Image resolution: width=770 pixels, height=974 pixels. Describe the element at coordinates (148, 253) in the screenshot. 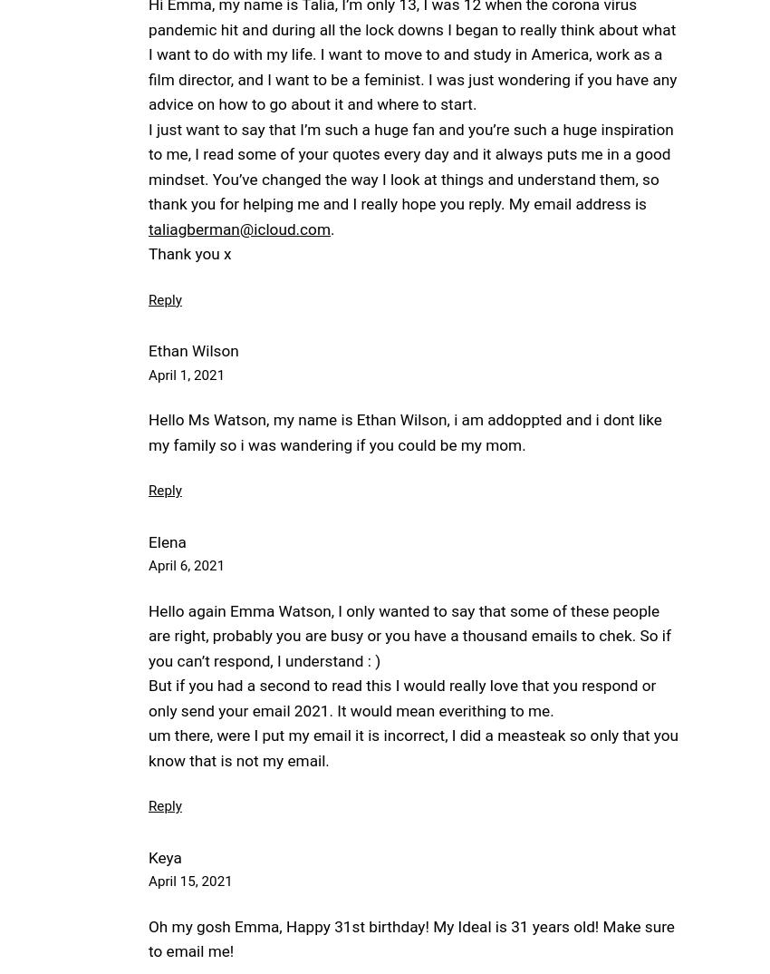

I see `'Thank you x'` at that location.